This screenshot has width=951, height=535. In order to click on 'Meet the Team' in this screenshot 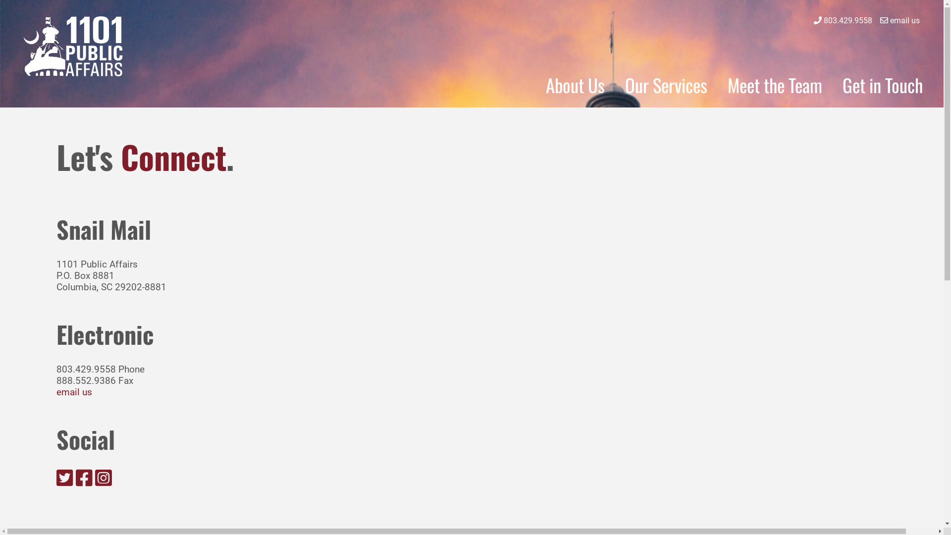, I will do `click(774, 84)`.